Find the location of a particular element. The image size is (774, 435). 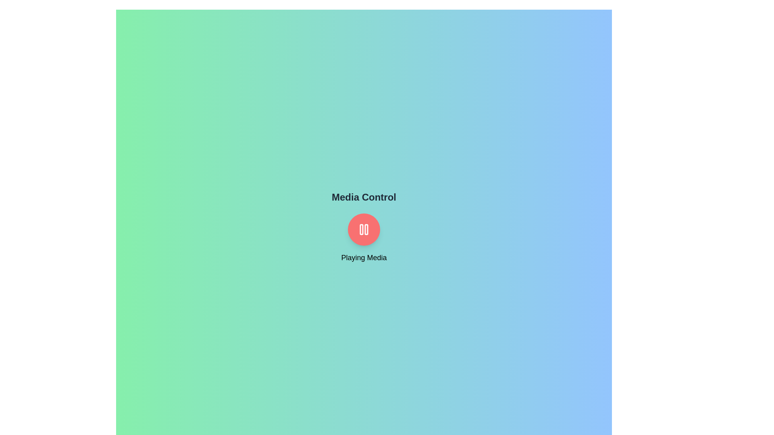

center of the MediaControlToggleButton to toggle playback state is located at coordinates (363, 230).